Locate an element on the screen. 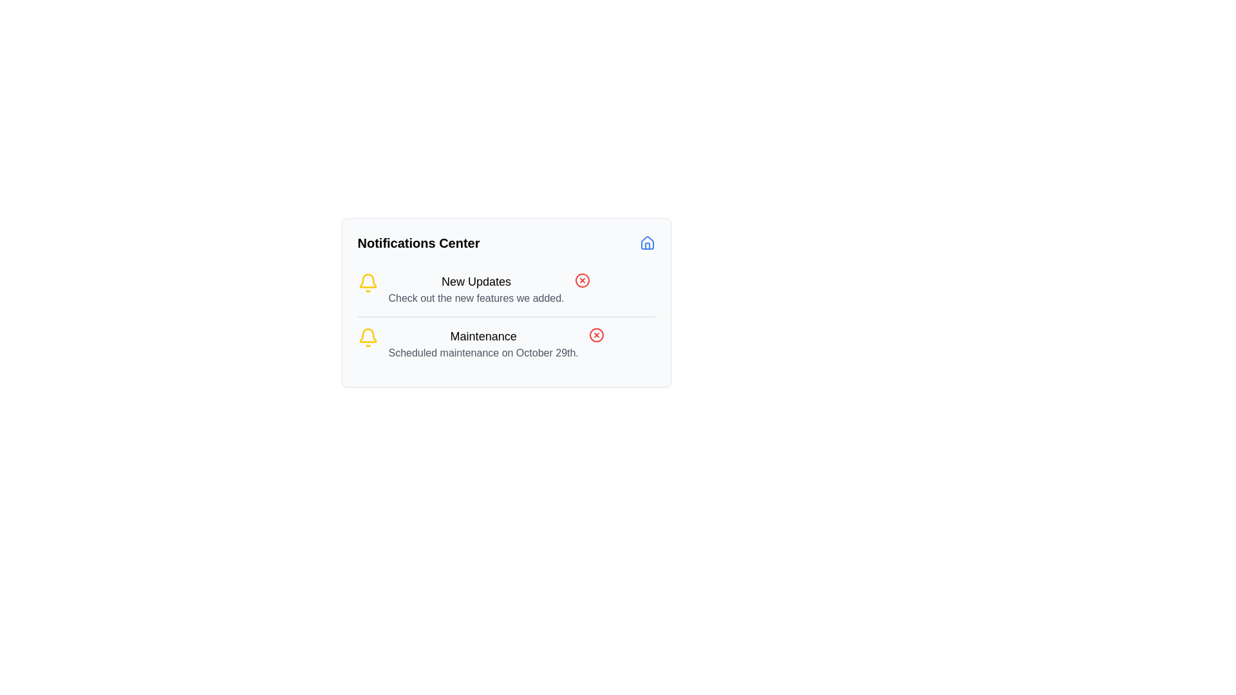  the graphical icon representing a close or cancel action related to the 'New Updates' notification in the 'Notifications Center' panel is located at coordinates (581, 279).